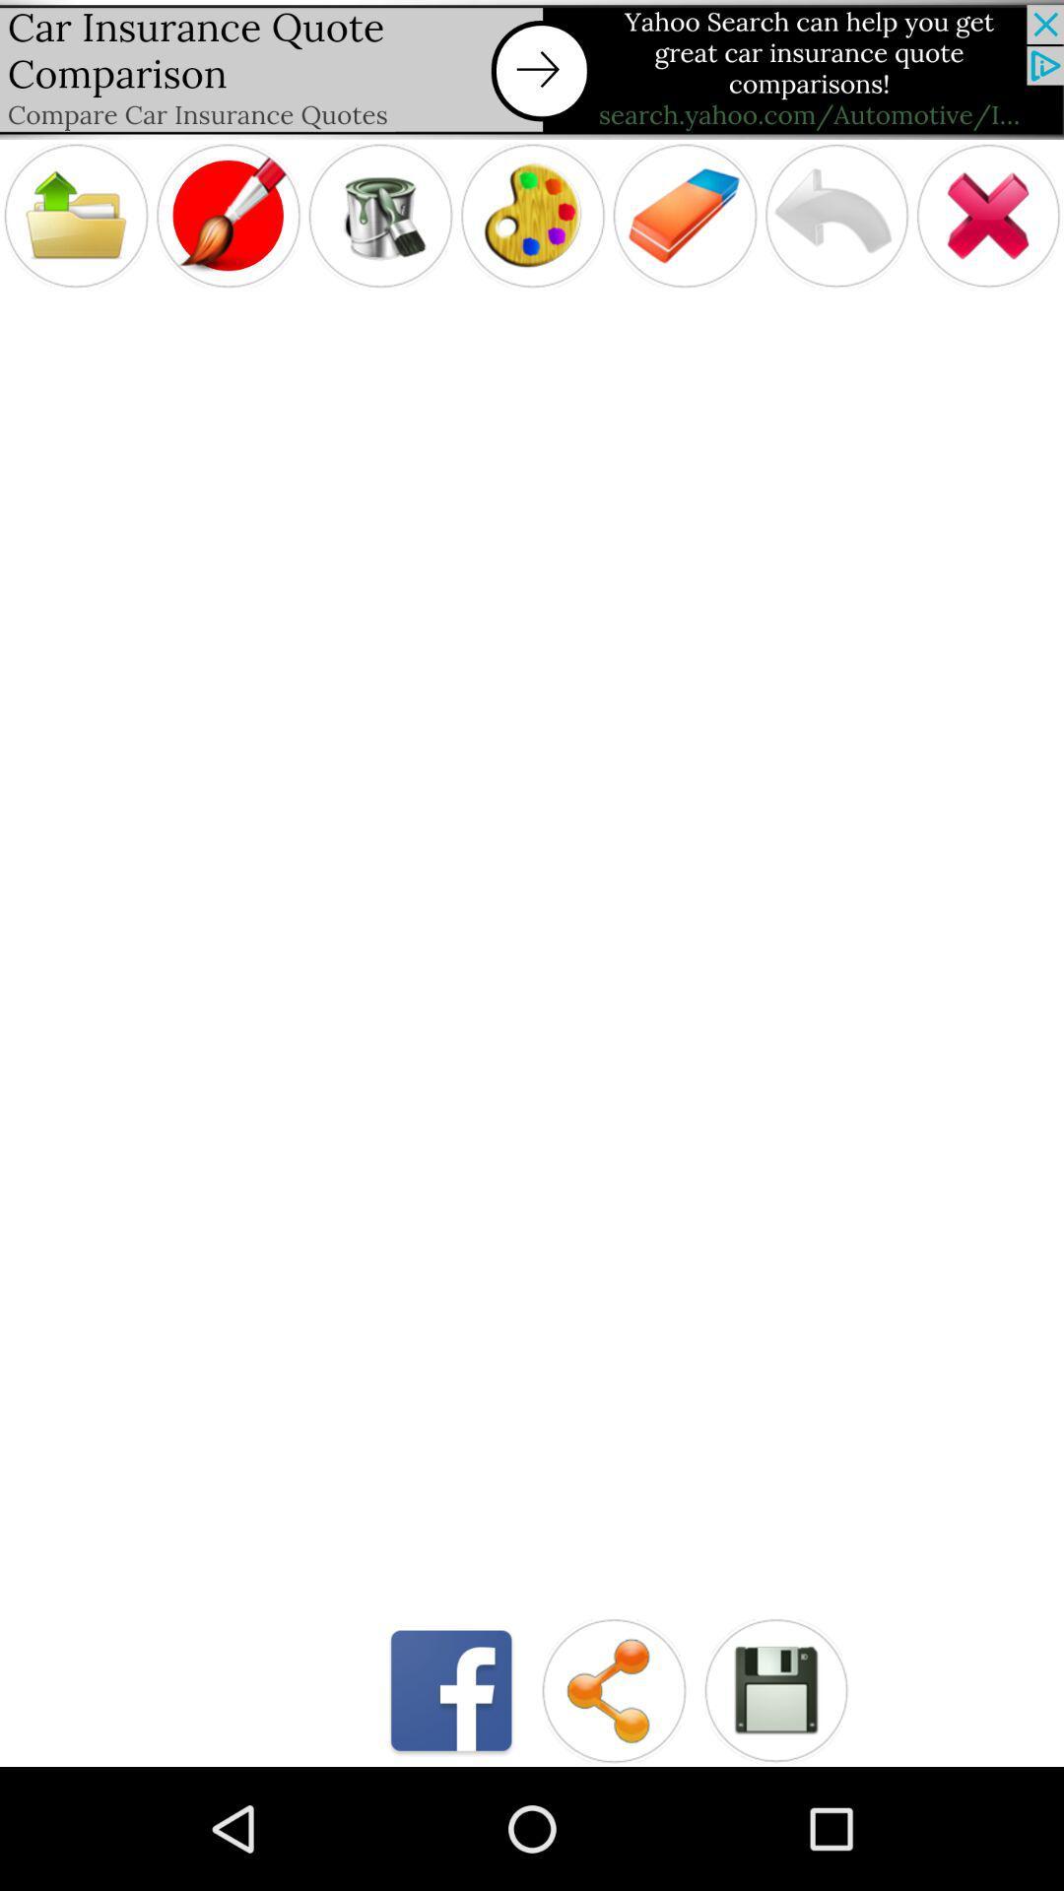 The image size is (1064, 1891). Describe the element at coordinates (451, 1809) in the screenshot. I see `the facebook icon` at that location.